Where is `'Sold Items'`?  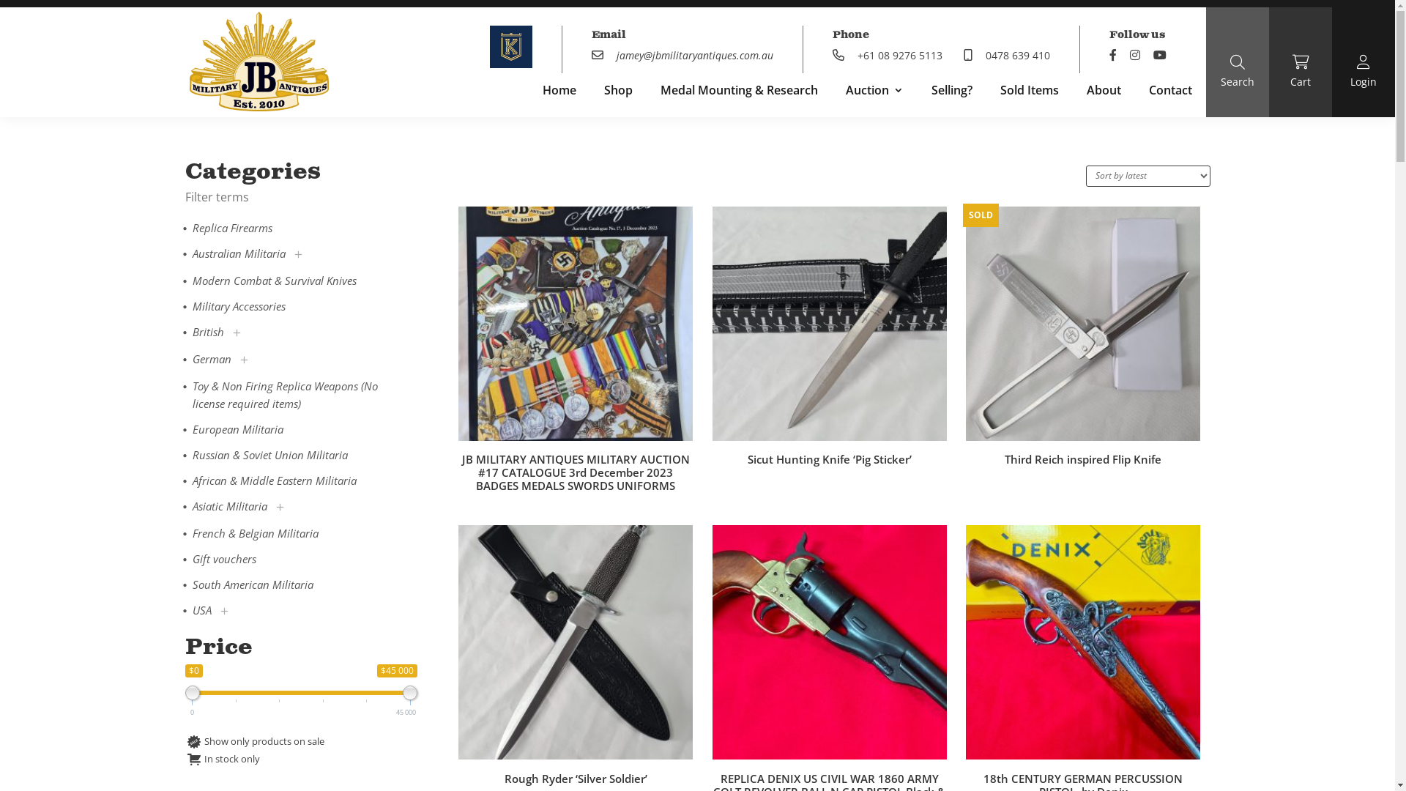
'Sold Items' is located at coordinates (1029, 93).